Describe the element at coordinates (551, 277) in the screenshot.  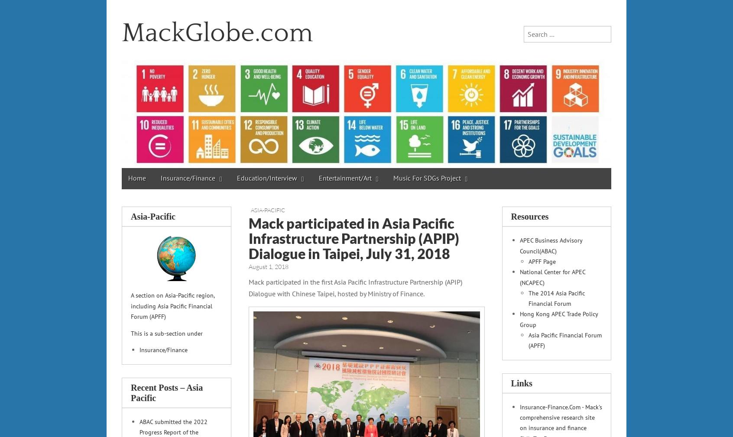
I see `'National Center for APEC (NCAPEC)'` at that location.